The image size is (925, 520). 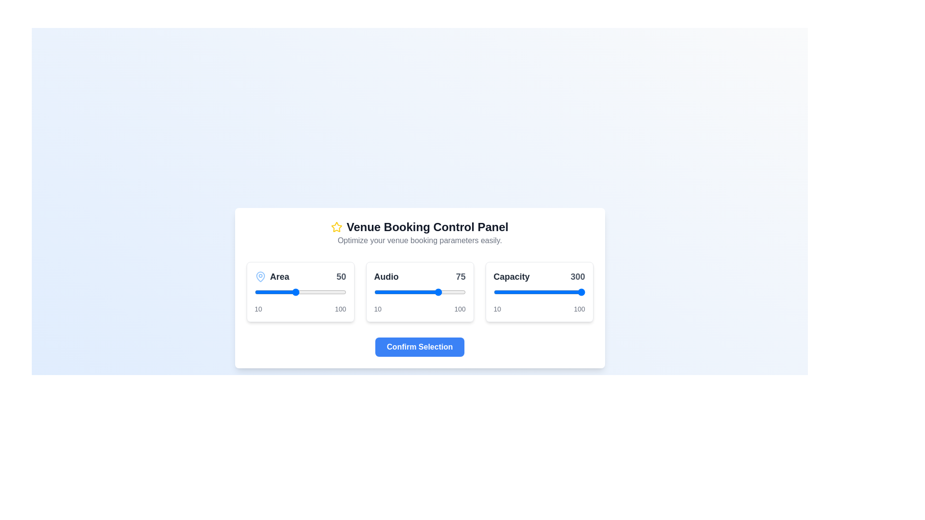 What do you see at coordinates (337, 291) in the screenshot?
I see `the Area slider` at bounding box center [337, 291].